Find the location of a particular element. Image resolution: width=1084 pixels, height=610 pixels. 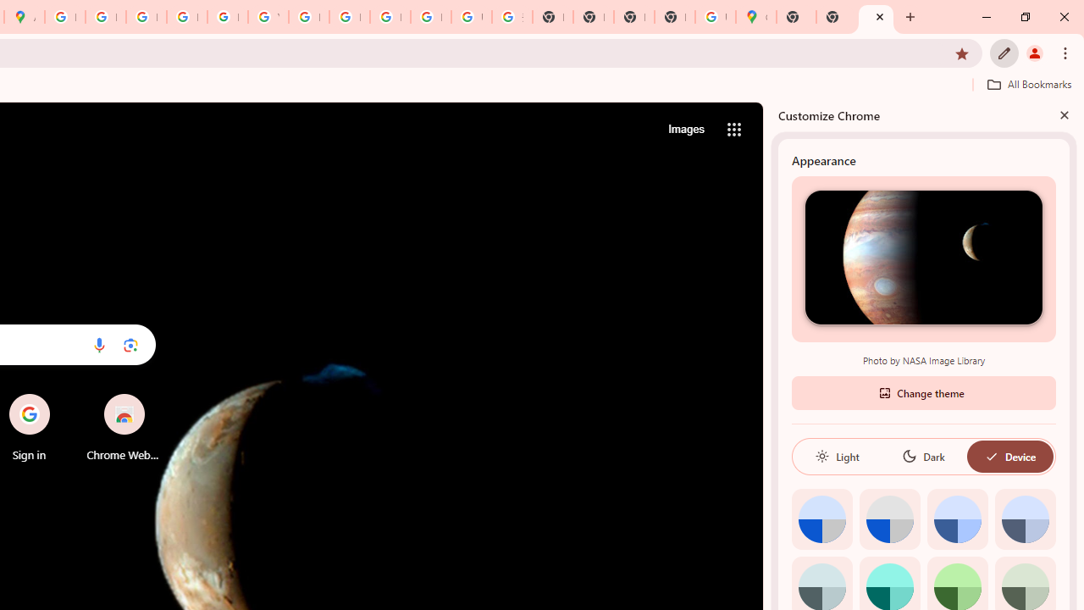

'Change theme' is located at coordinates (922, 392).